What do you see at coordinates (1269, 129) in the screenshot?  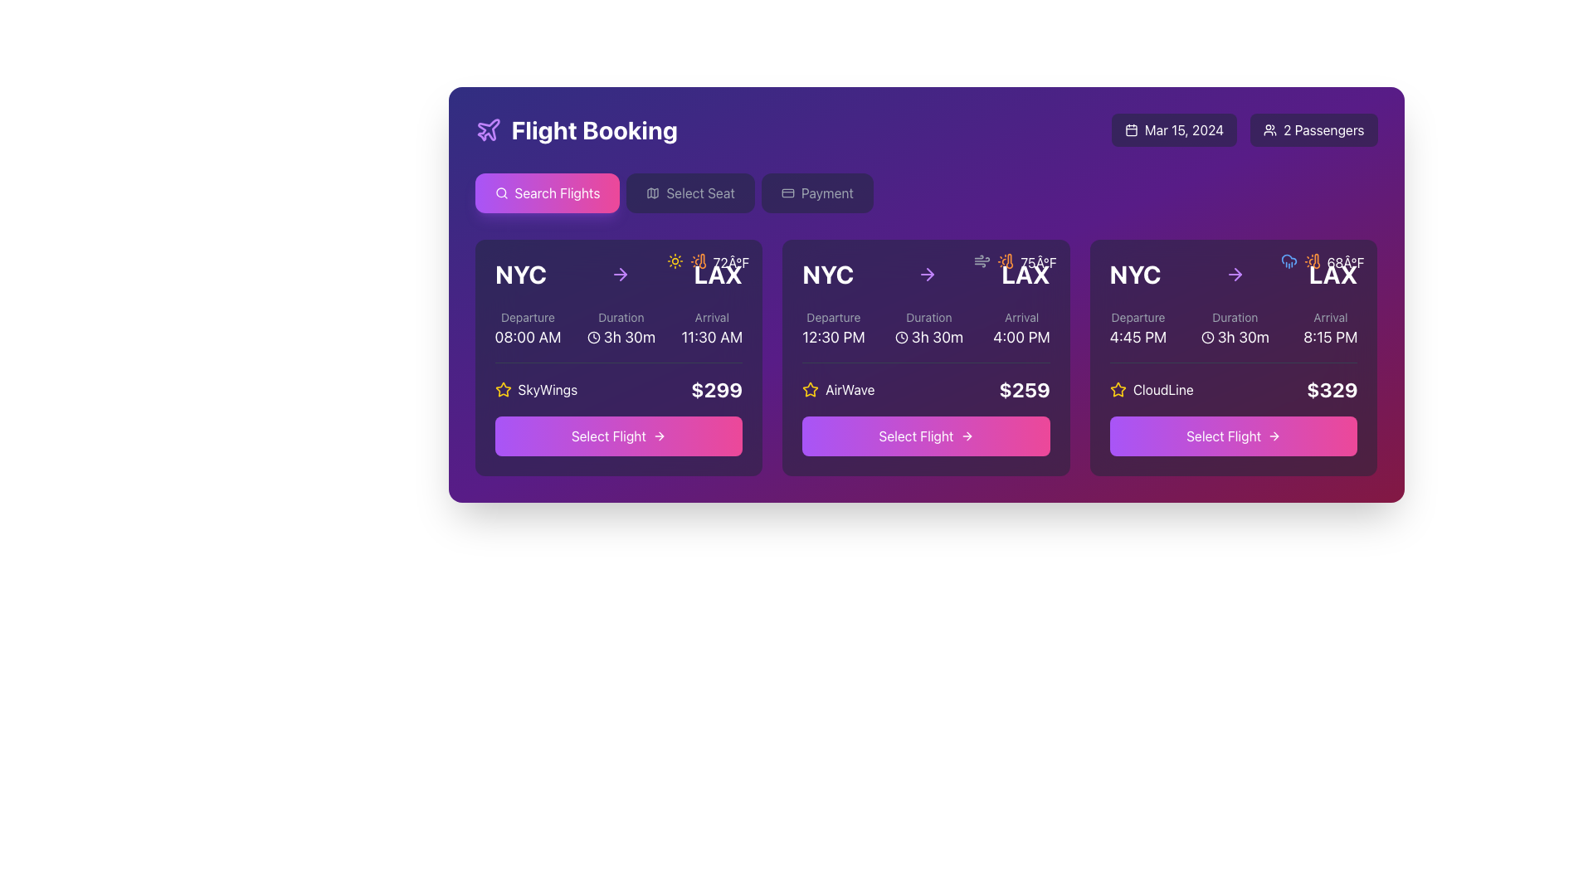 I see `the 'Passengers' icon located at the top-right corner of the interface, next to the '2 Passengers' text` at bounding box center [1269, 129].